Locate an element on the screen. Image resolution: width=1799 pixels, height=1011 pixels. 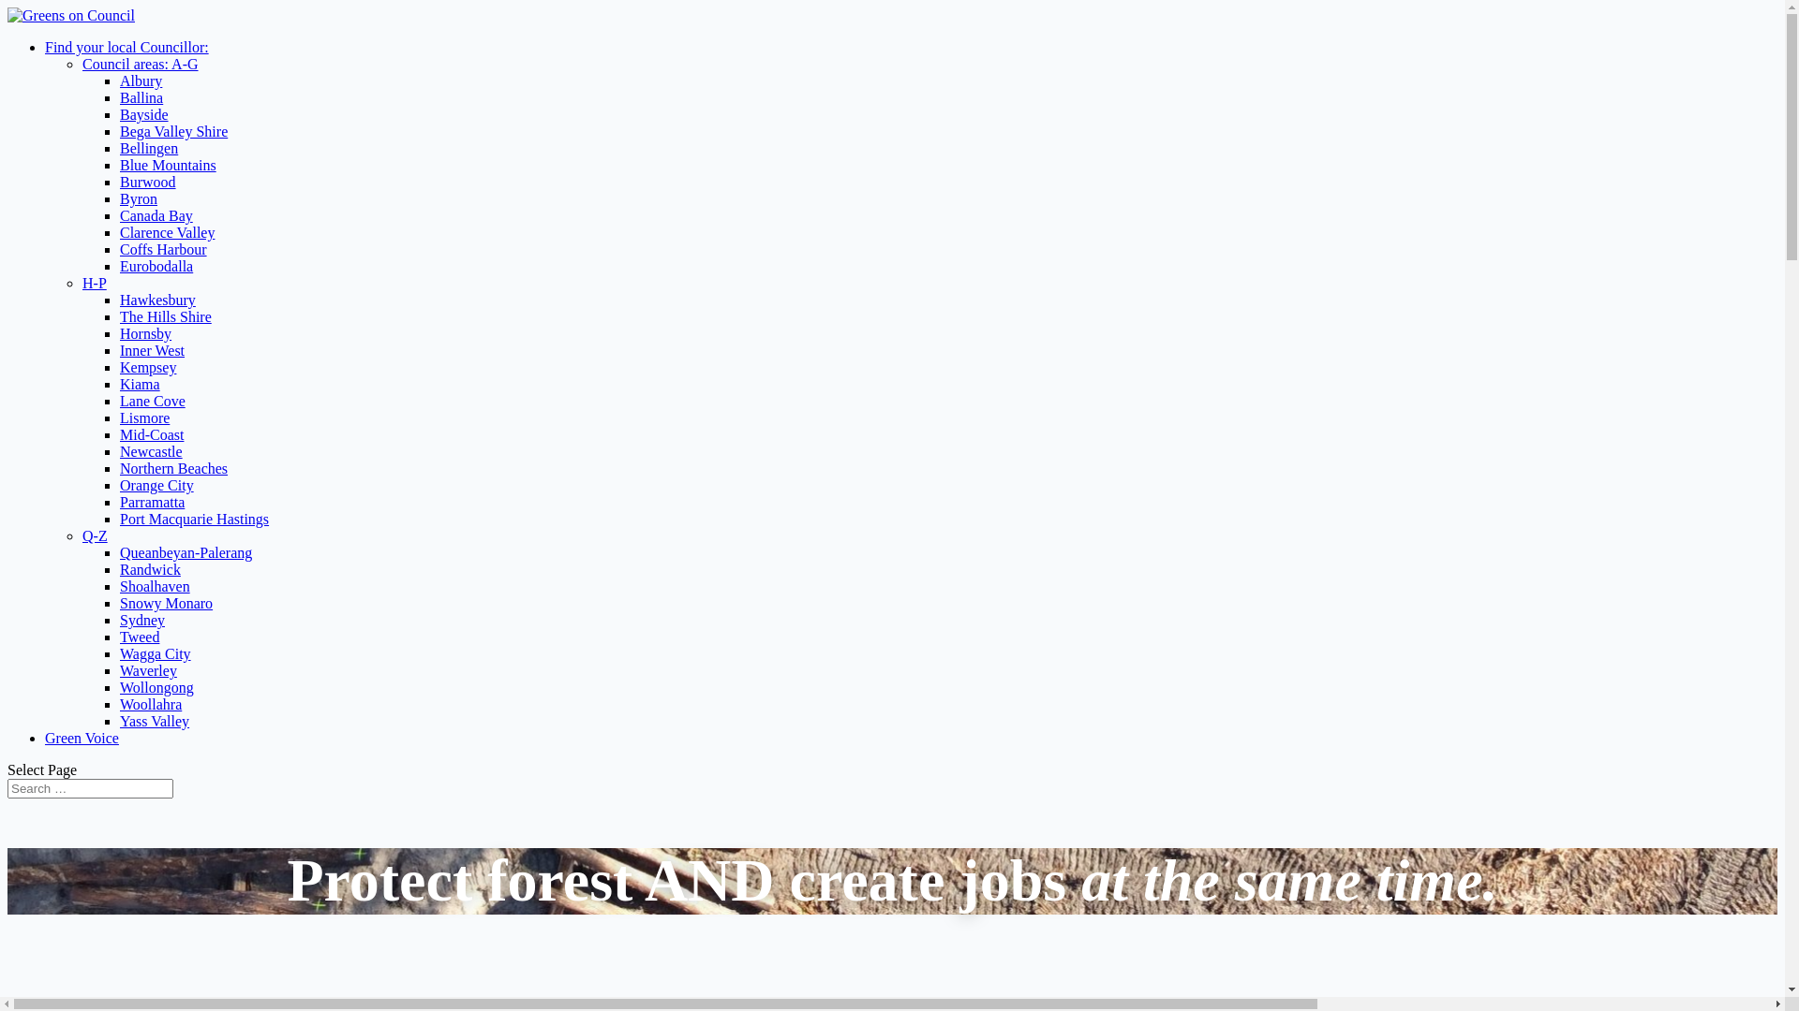
'Queanbeyan-Palerang' is located at coordinates (186, 551).